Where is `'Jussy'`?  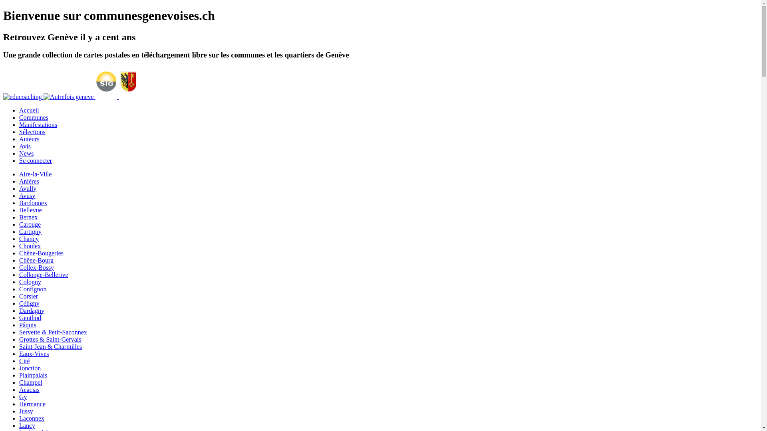
'Jussy' is located at coordinates (26, 411).